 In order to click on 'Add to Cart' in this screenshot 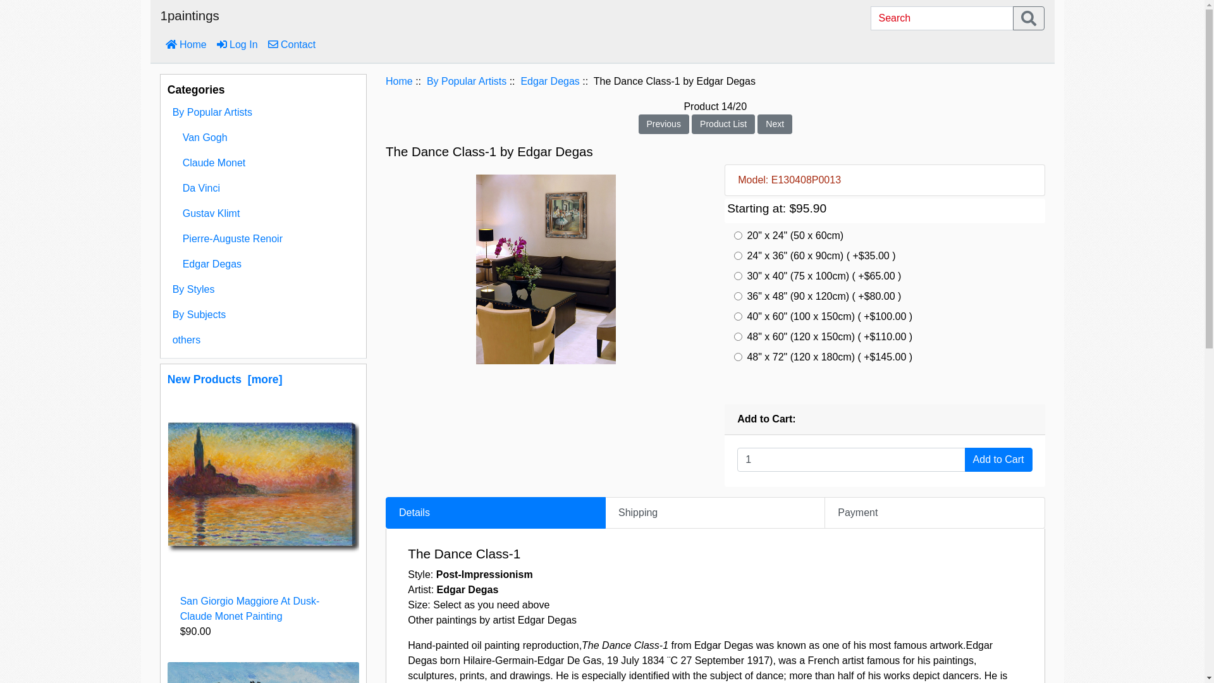, I will do `click(998, 459)`.